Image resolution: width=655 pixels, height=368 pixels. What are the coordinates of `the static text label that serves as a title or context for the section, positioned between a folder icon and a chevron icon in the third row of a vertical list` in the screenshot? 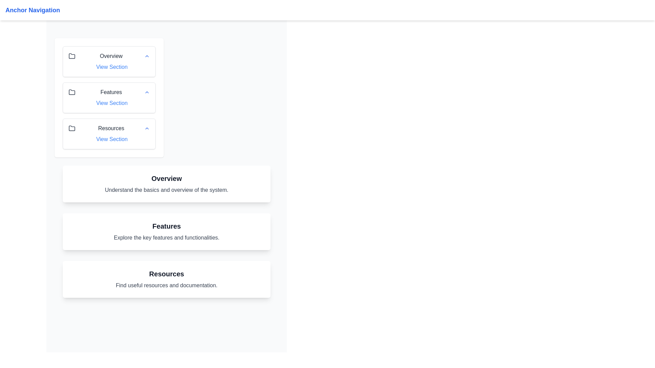 It's located at (111, 128).